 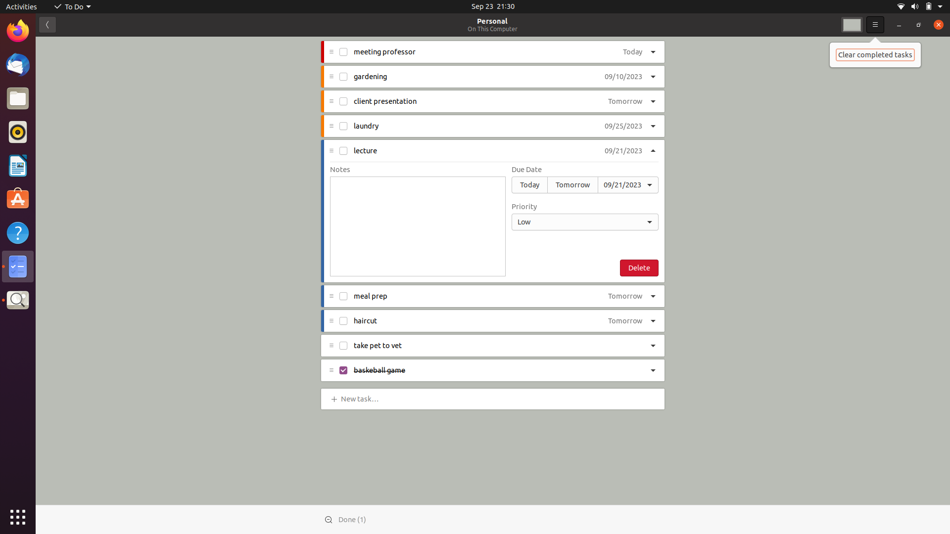 I want to click on Check off "meal prep" task as done, so click(x=343, y=297).